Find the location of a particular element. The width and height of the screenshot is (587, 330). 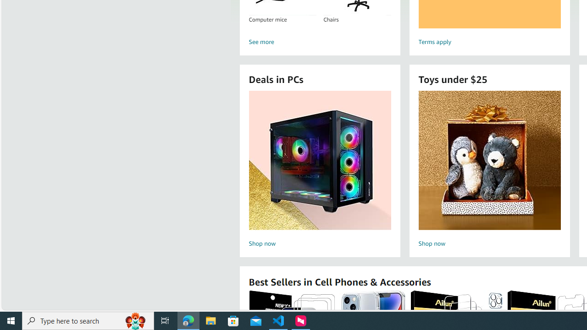

'Toys under $25' is located at coordinates (489, 159).